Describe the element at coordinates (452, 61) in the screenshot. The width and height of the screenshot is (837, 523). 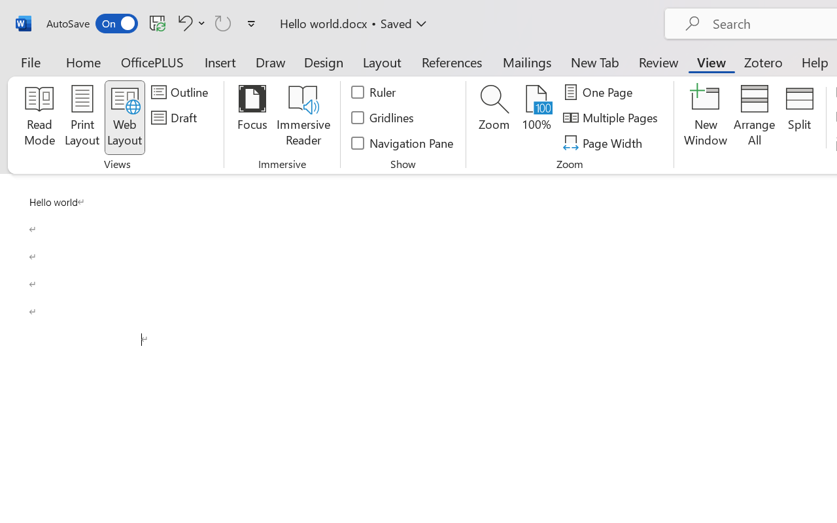
I see `'References'` at that location.